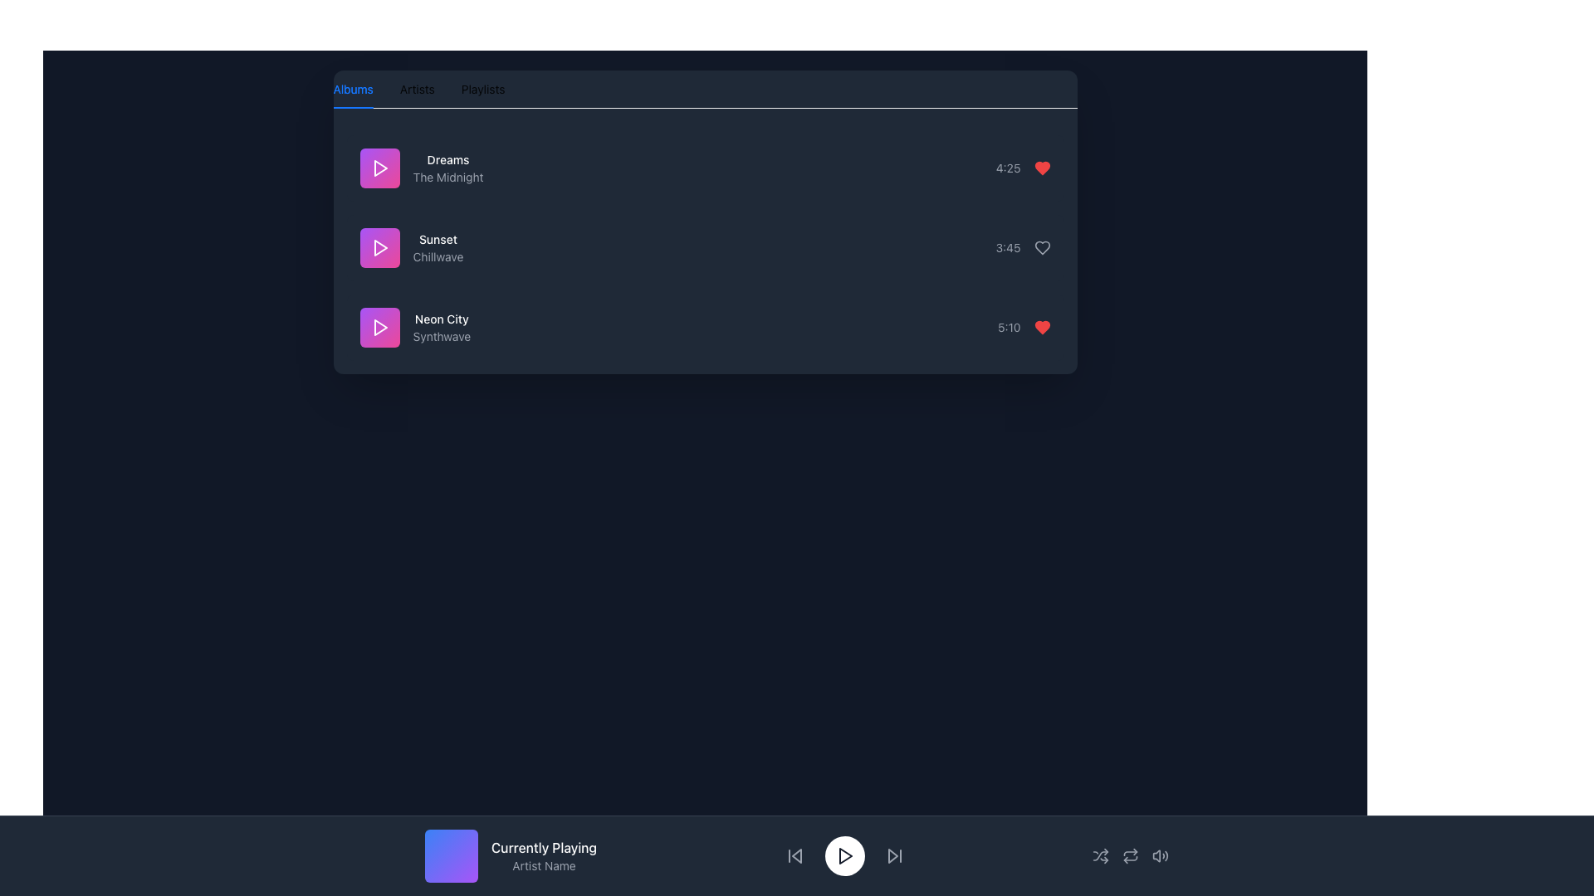 The image size is (1594, 896). What do you see at coordinates (544, 856) in the screenshot?
I see `the Text display component that shows the currently playing track's title and artist name, located centrally at the bottom of the media player interface` at bounding box center [544, 856].